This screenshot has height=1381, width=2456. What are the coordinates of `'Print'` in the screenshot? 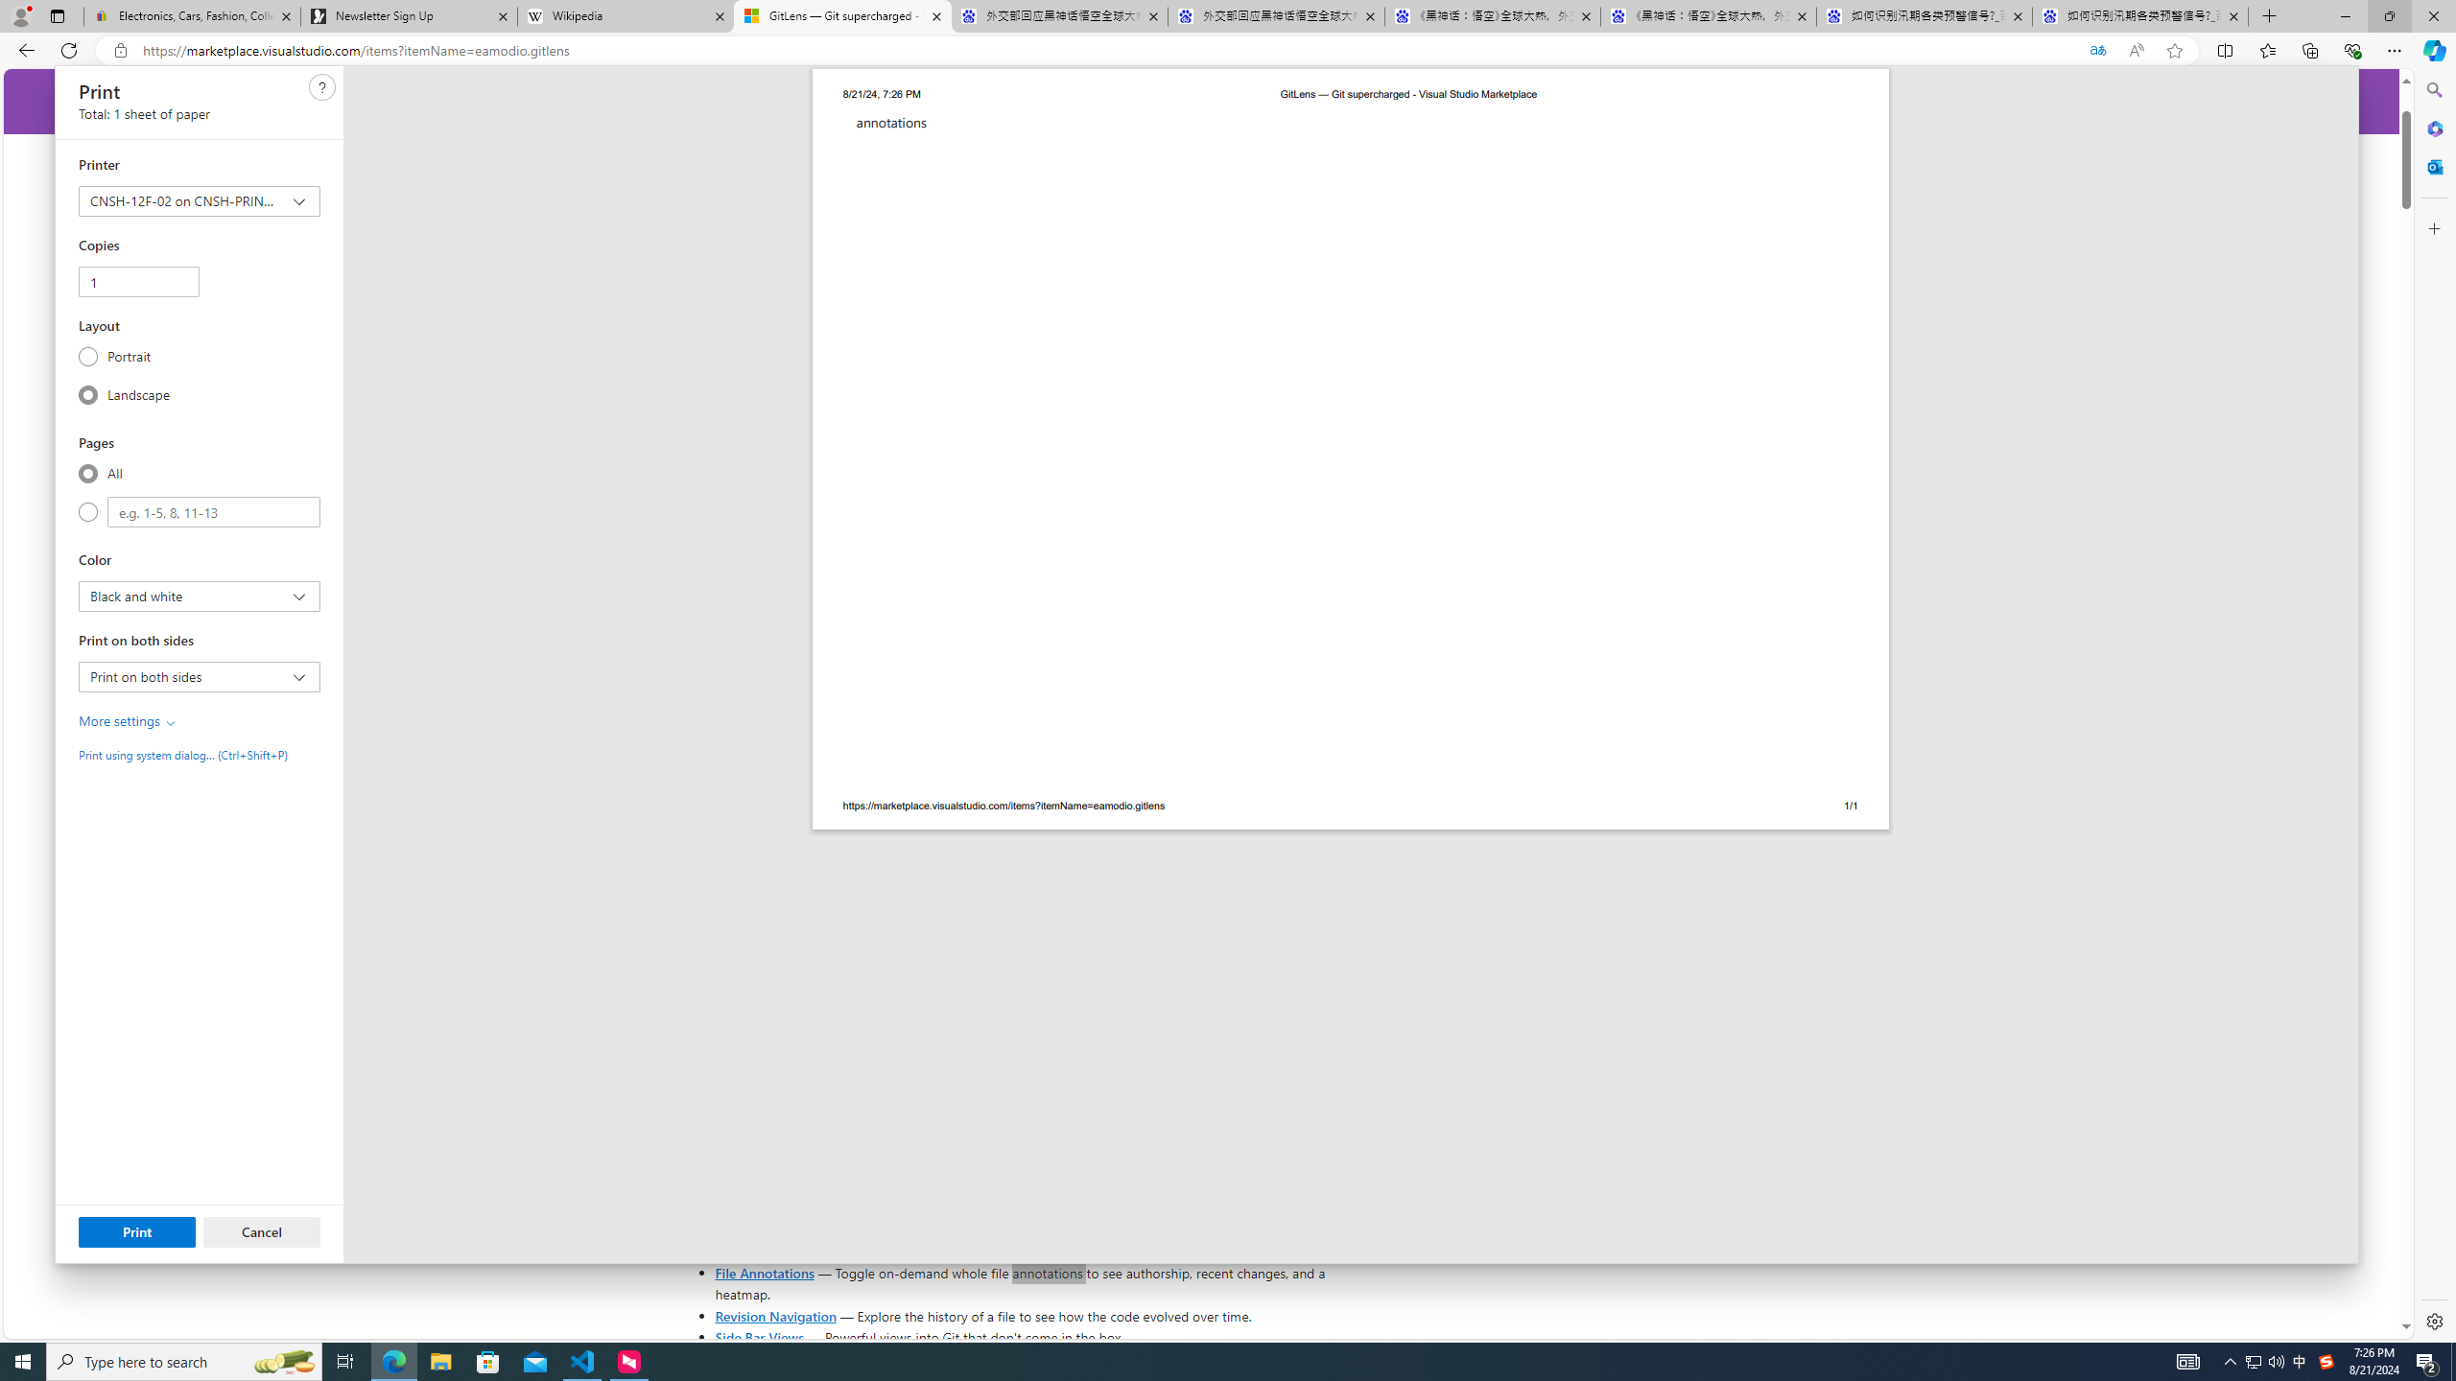 It's located at (136, 1230).